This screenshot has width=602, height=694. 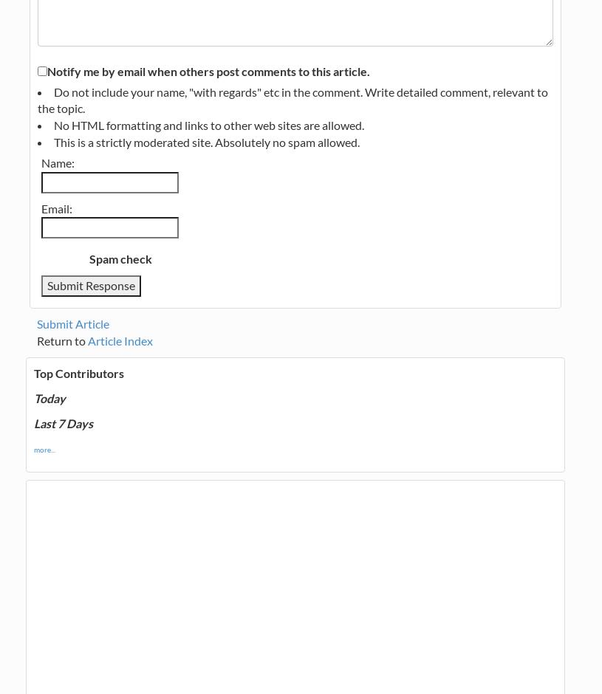 I want to click on 'No HTML formatting and links to other web sites are allowed.', so click(x=208, y=125).